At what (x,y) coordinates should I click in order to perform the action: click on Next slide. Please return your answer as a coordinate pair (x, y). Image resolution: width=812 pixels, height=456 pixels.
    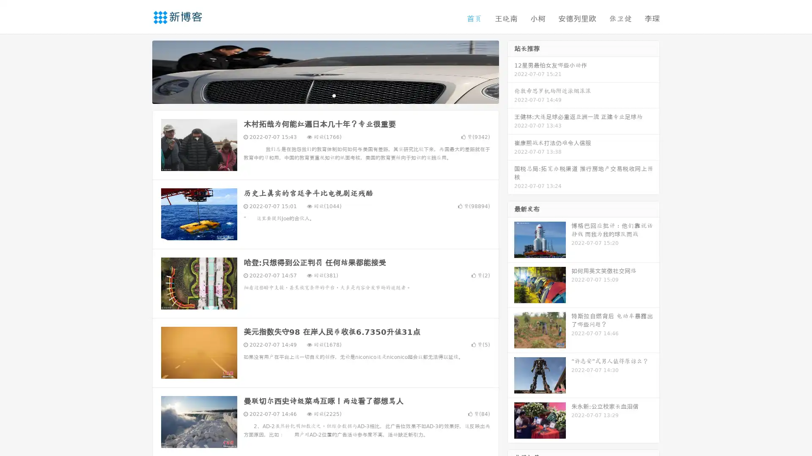
    Looking at the image, I should click on (511, 71).